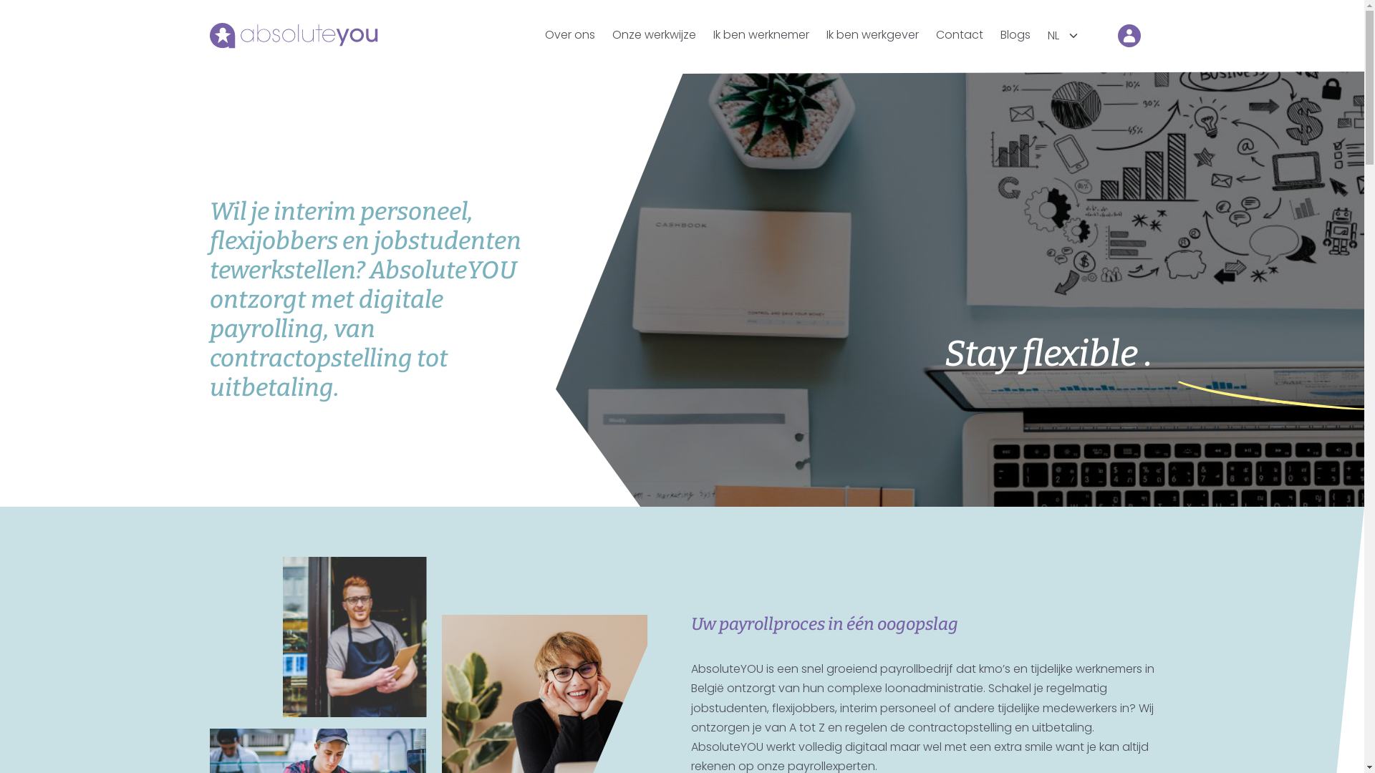 Image resolution: width=1375 pixels, height=773 pixels. What do you see at coordinates (569, 34) in the screenshot?
I see `'Over ons'` at bounding box center [569, 34].